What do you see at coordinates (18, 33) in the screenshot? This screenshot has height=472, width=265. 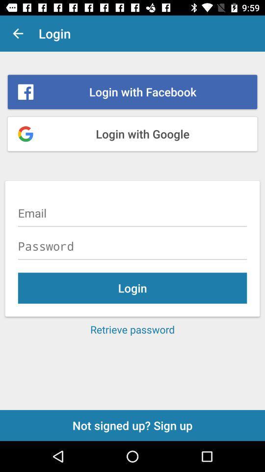 I see `icon above login with facebook icon` at bounding box center [18, 33].